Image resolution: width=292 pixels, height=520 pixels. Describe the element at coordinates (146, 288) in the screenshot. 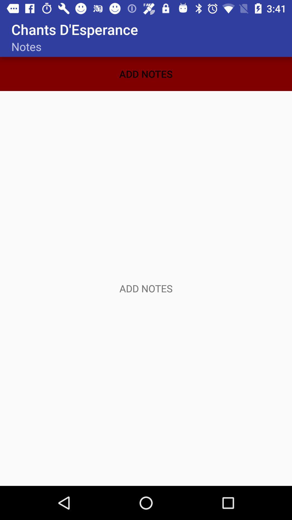

I see `click here to add information` at that location.